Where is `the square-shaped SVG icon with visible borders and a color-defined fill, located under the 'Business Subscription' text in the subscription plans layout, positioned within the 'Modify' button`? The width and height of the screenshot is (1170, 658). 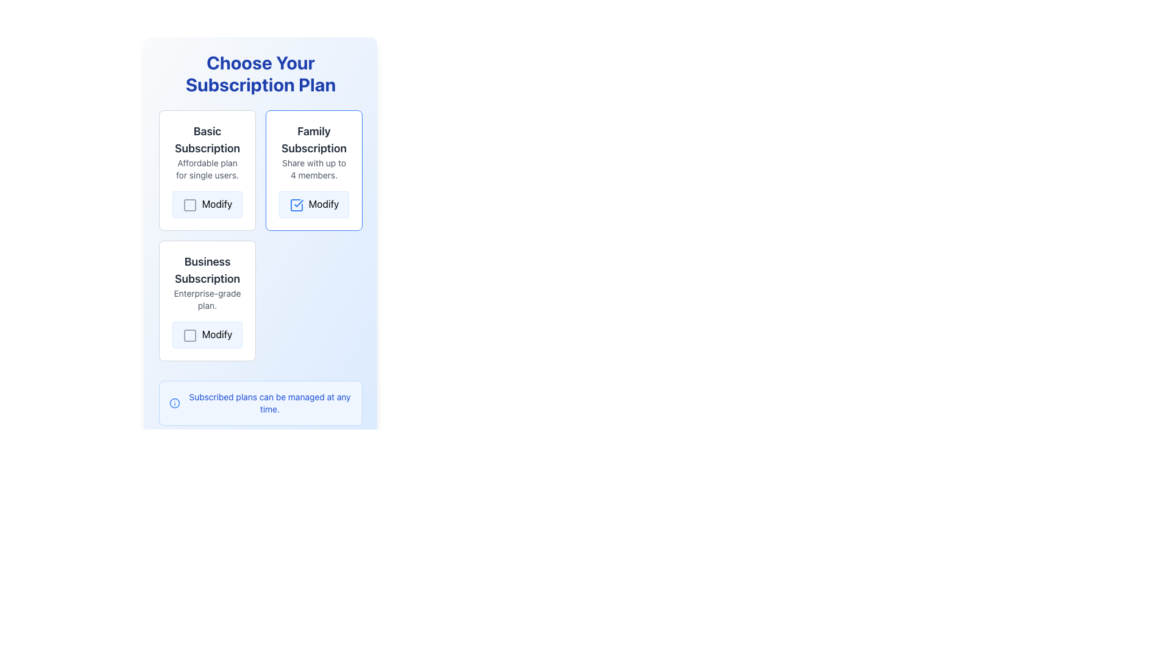
the square-shaped SVG icon with visible borders and a color-defined fill, located under the 'Business Subscription' text in the subscription plans layout, positioned within the 'Modify' button is located at coordinates (189, 335).